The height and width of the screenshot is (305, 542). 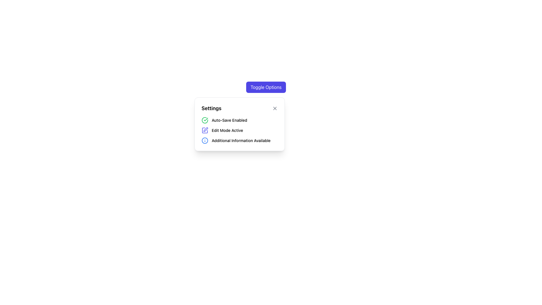 I want to click on the 'Auto-Save Enabled' status icon located to the left of the descriptive text, indicating that auto-save is currently active, so click(x=204, y=120).